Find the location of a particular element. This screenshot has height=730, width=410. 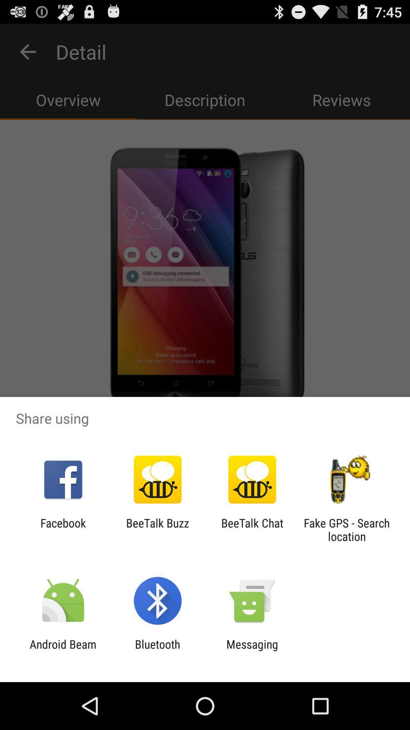

the item next to the beetalk chat item is located at coordinates (347, 529).